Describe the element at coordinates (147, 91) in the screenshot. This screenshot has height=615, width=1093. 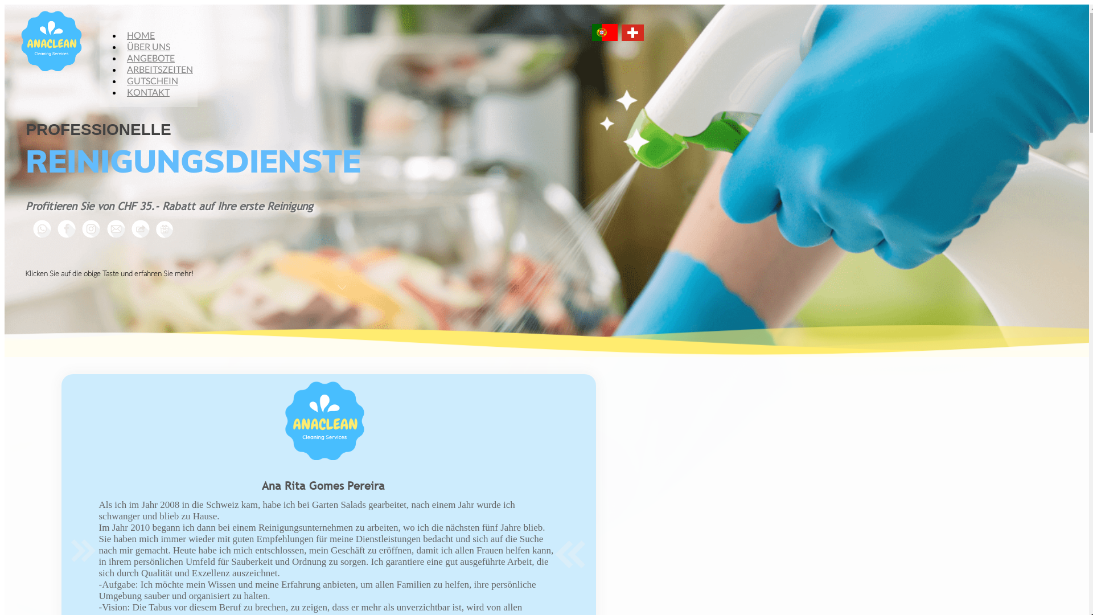
I see `'KONTAKT'` at that location.